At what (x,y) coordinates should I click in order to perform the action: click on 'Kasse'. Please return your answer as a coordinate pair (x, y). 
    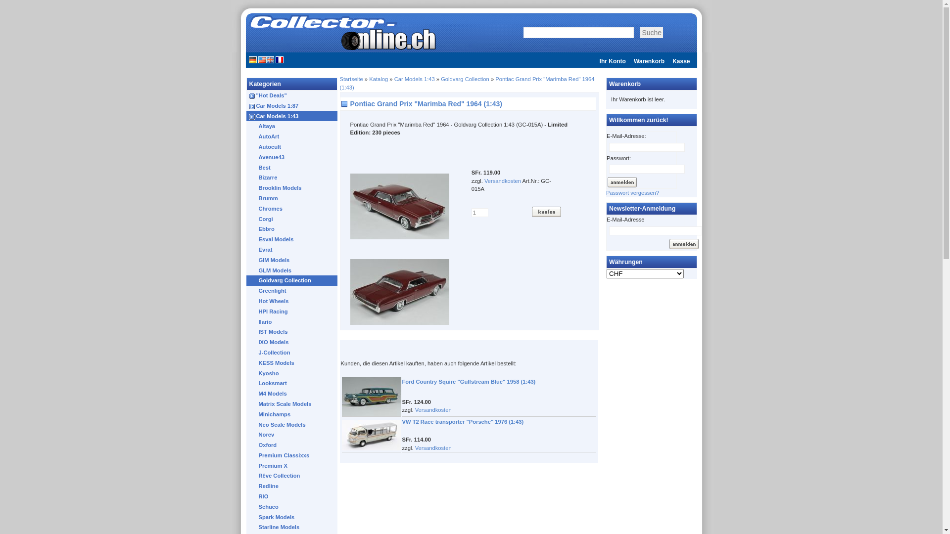
    Looking at the image, I should click on (680, 61).